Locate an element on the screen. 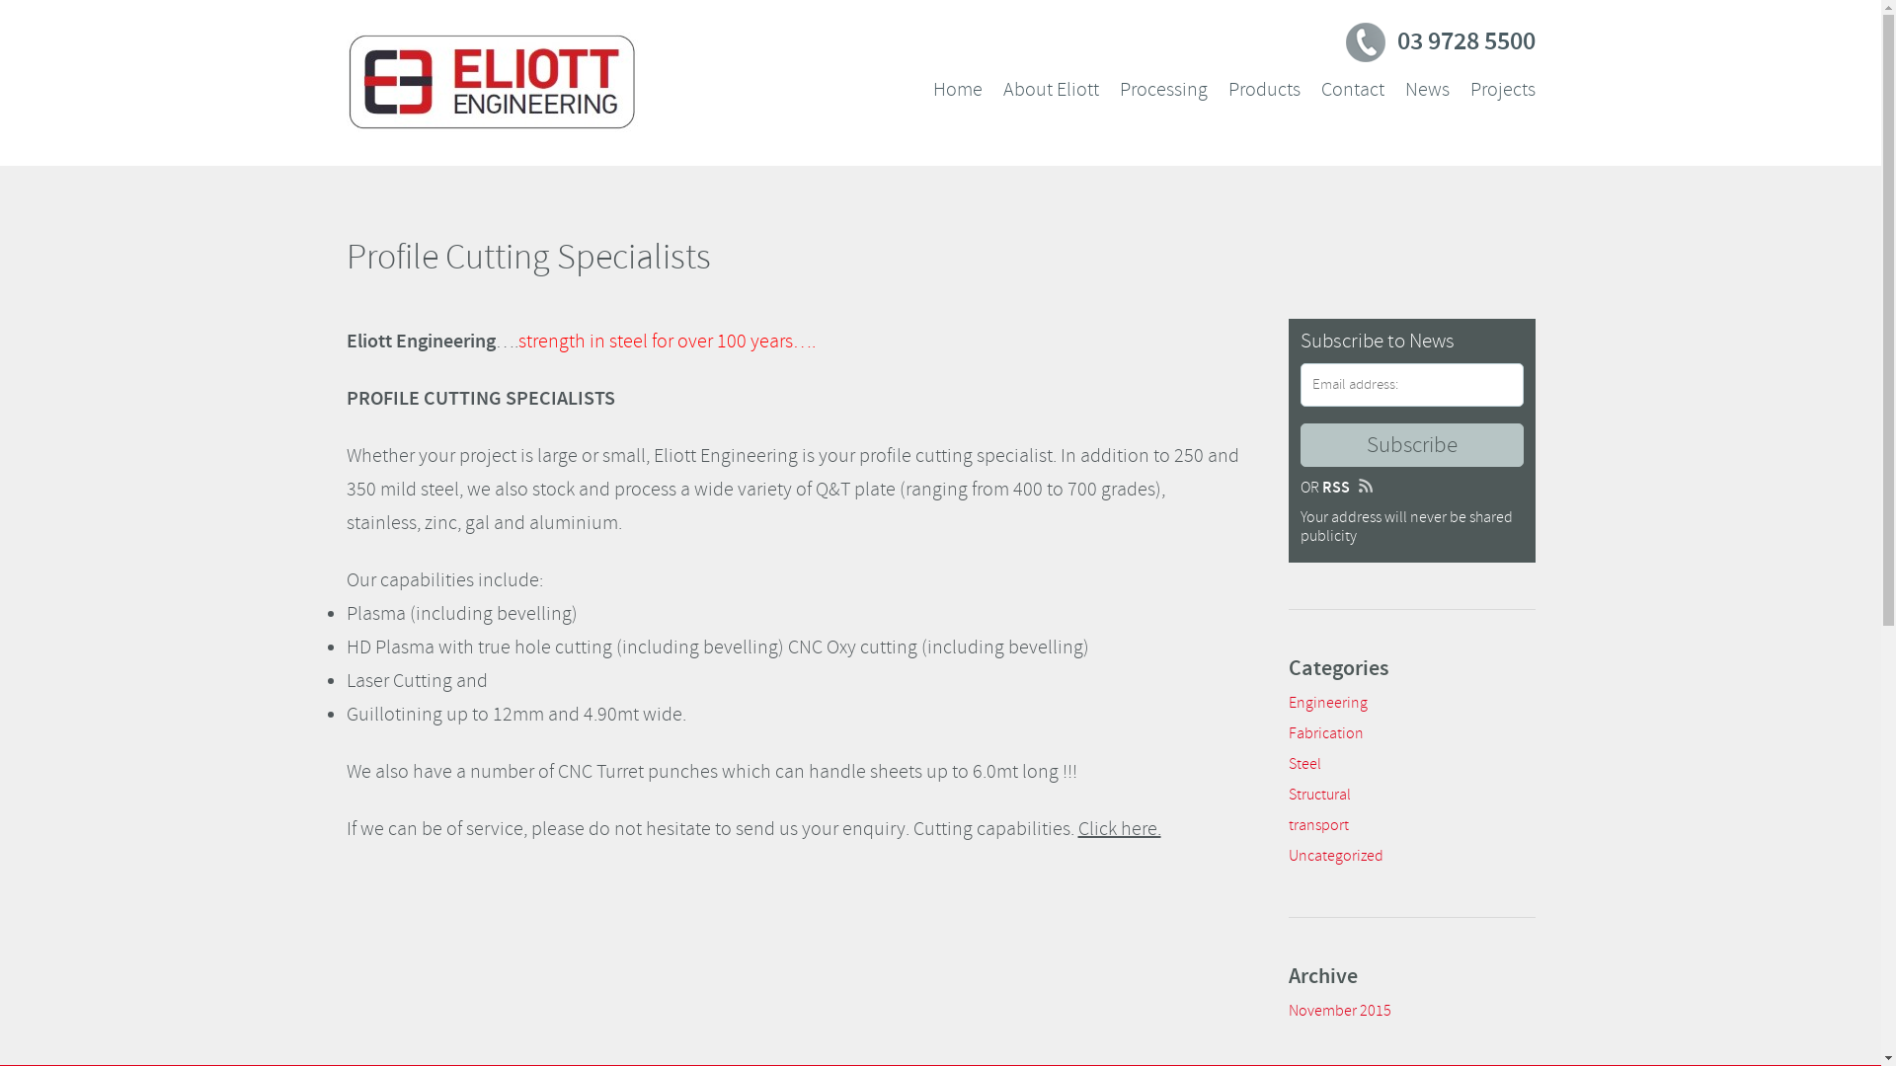 This screenshot has height=1066, width=1896. 'Home' is located at coordinates (957, 90).